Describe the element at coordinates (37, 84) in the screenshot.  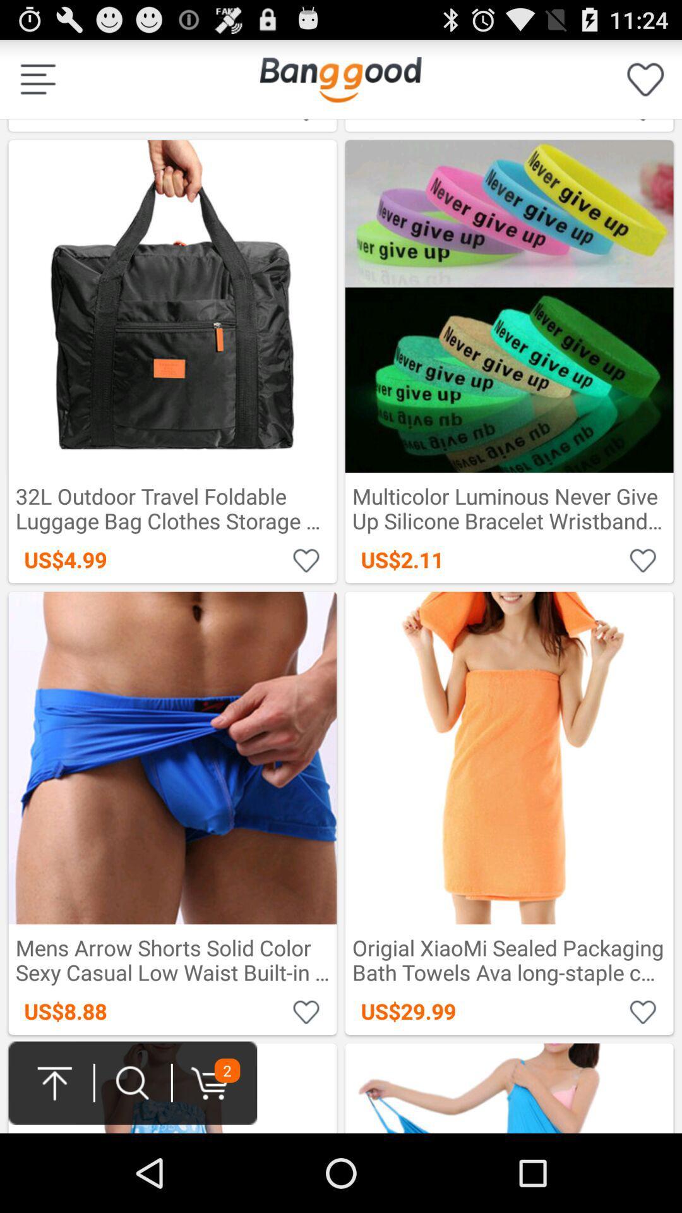
I see `the menu icon` at that location.